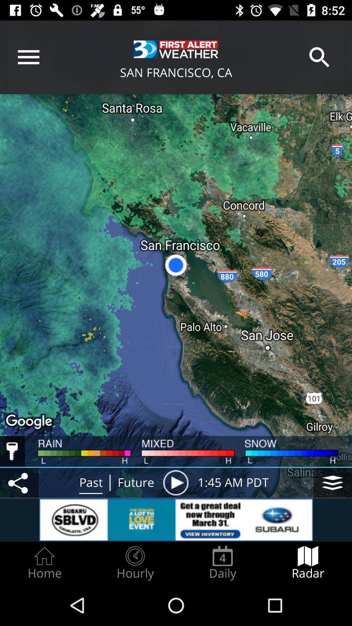 The height and width of the screenshot is (626, 352). What do you see at coordinates (176, 49) in the screenshot?
I see `the image which is below the notification bar` at bounding box center [176, 49].